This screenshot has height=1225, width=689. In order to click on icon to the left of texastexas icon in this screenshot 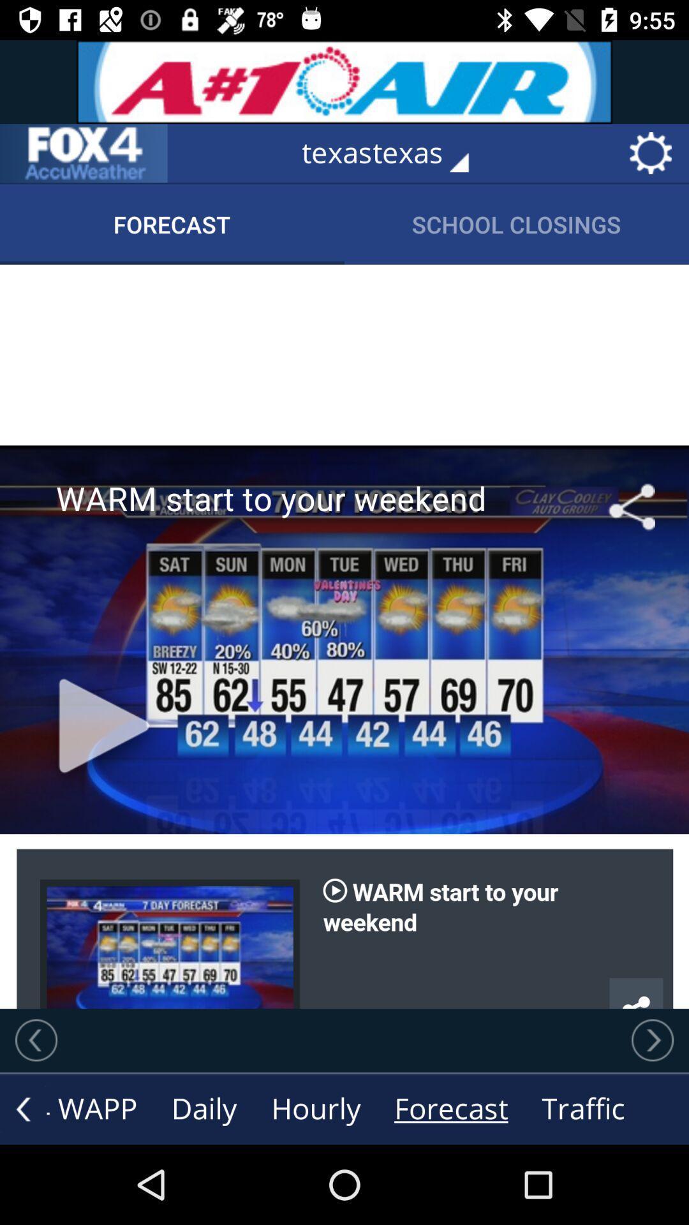, I will do `click(84, 153)`.